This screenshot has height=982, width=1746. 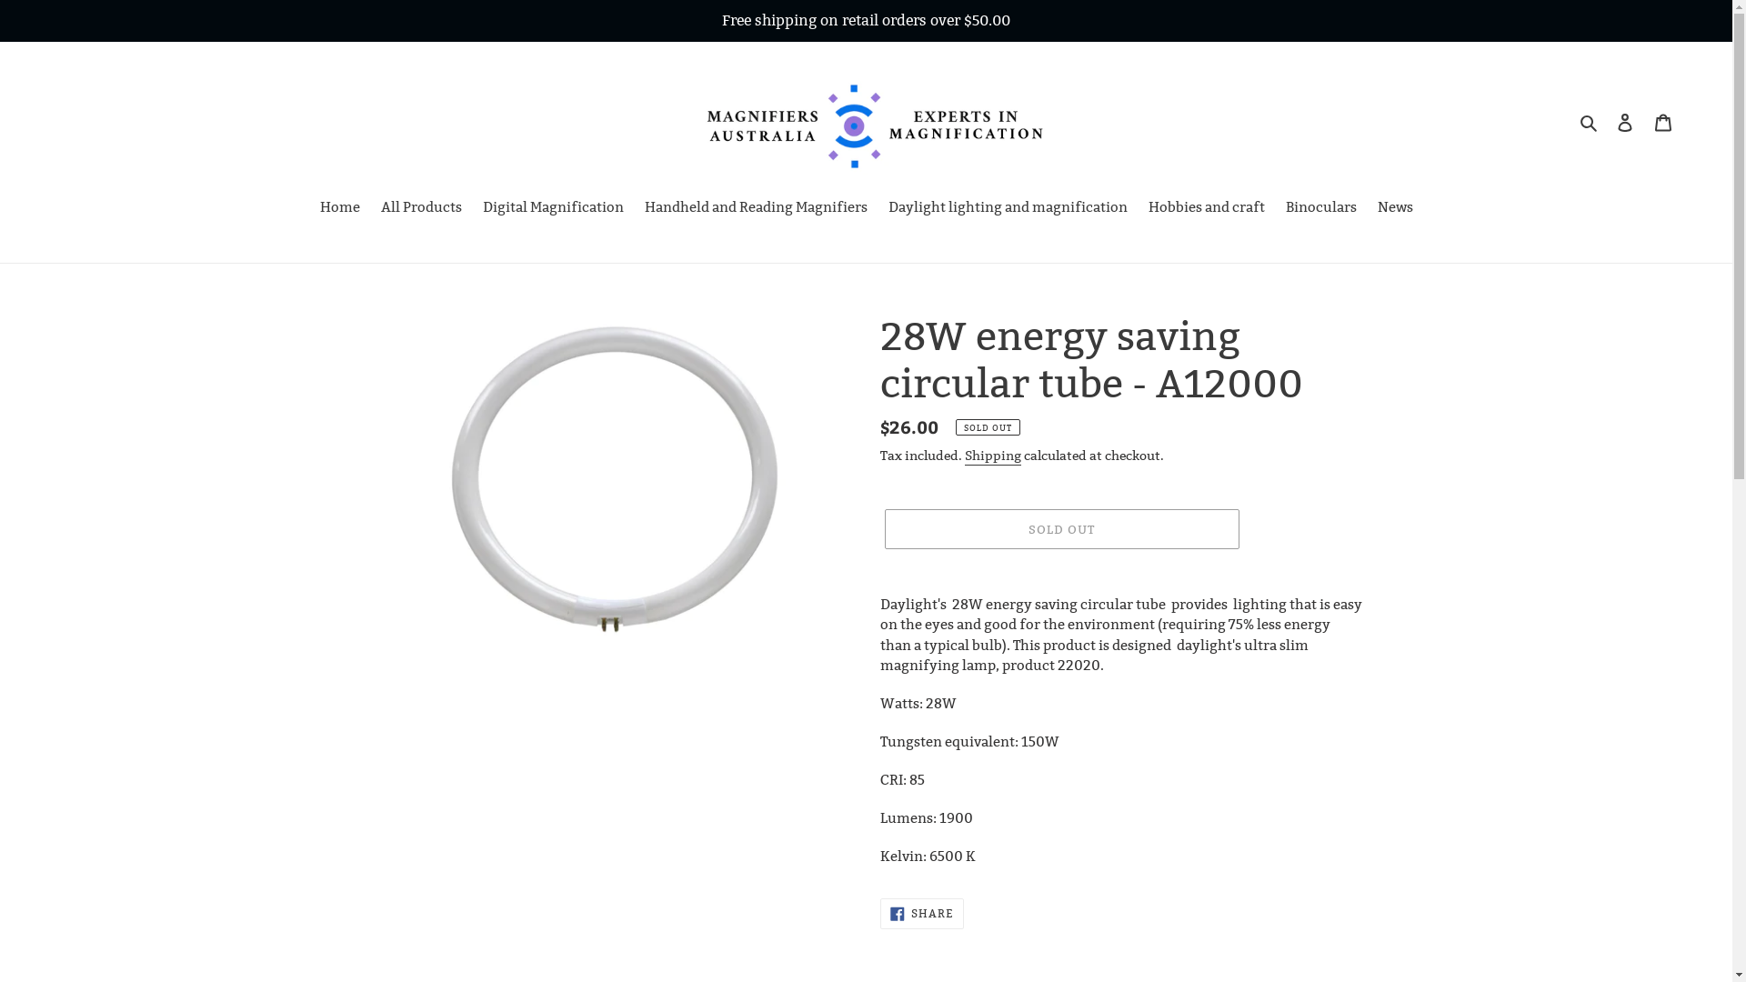 I want to click on 'Digital Magnification', so click(x=551, y=208).